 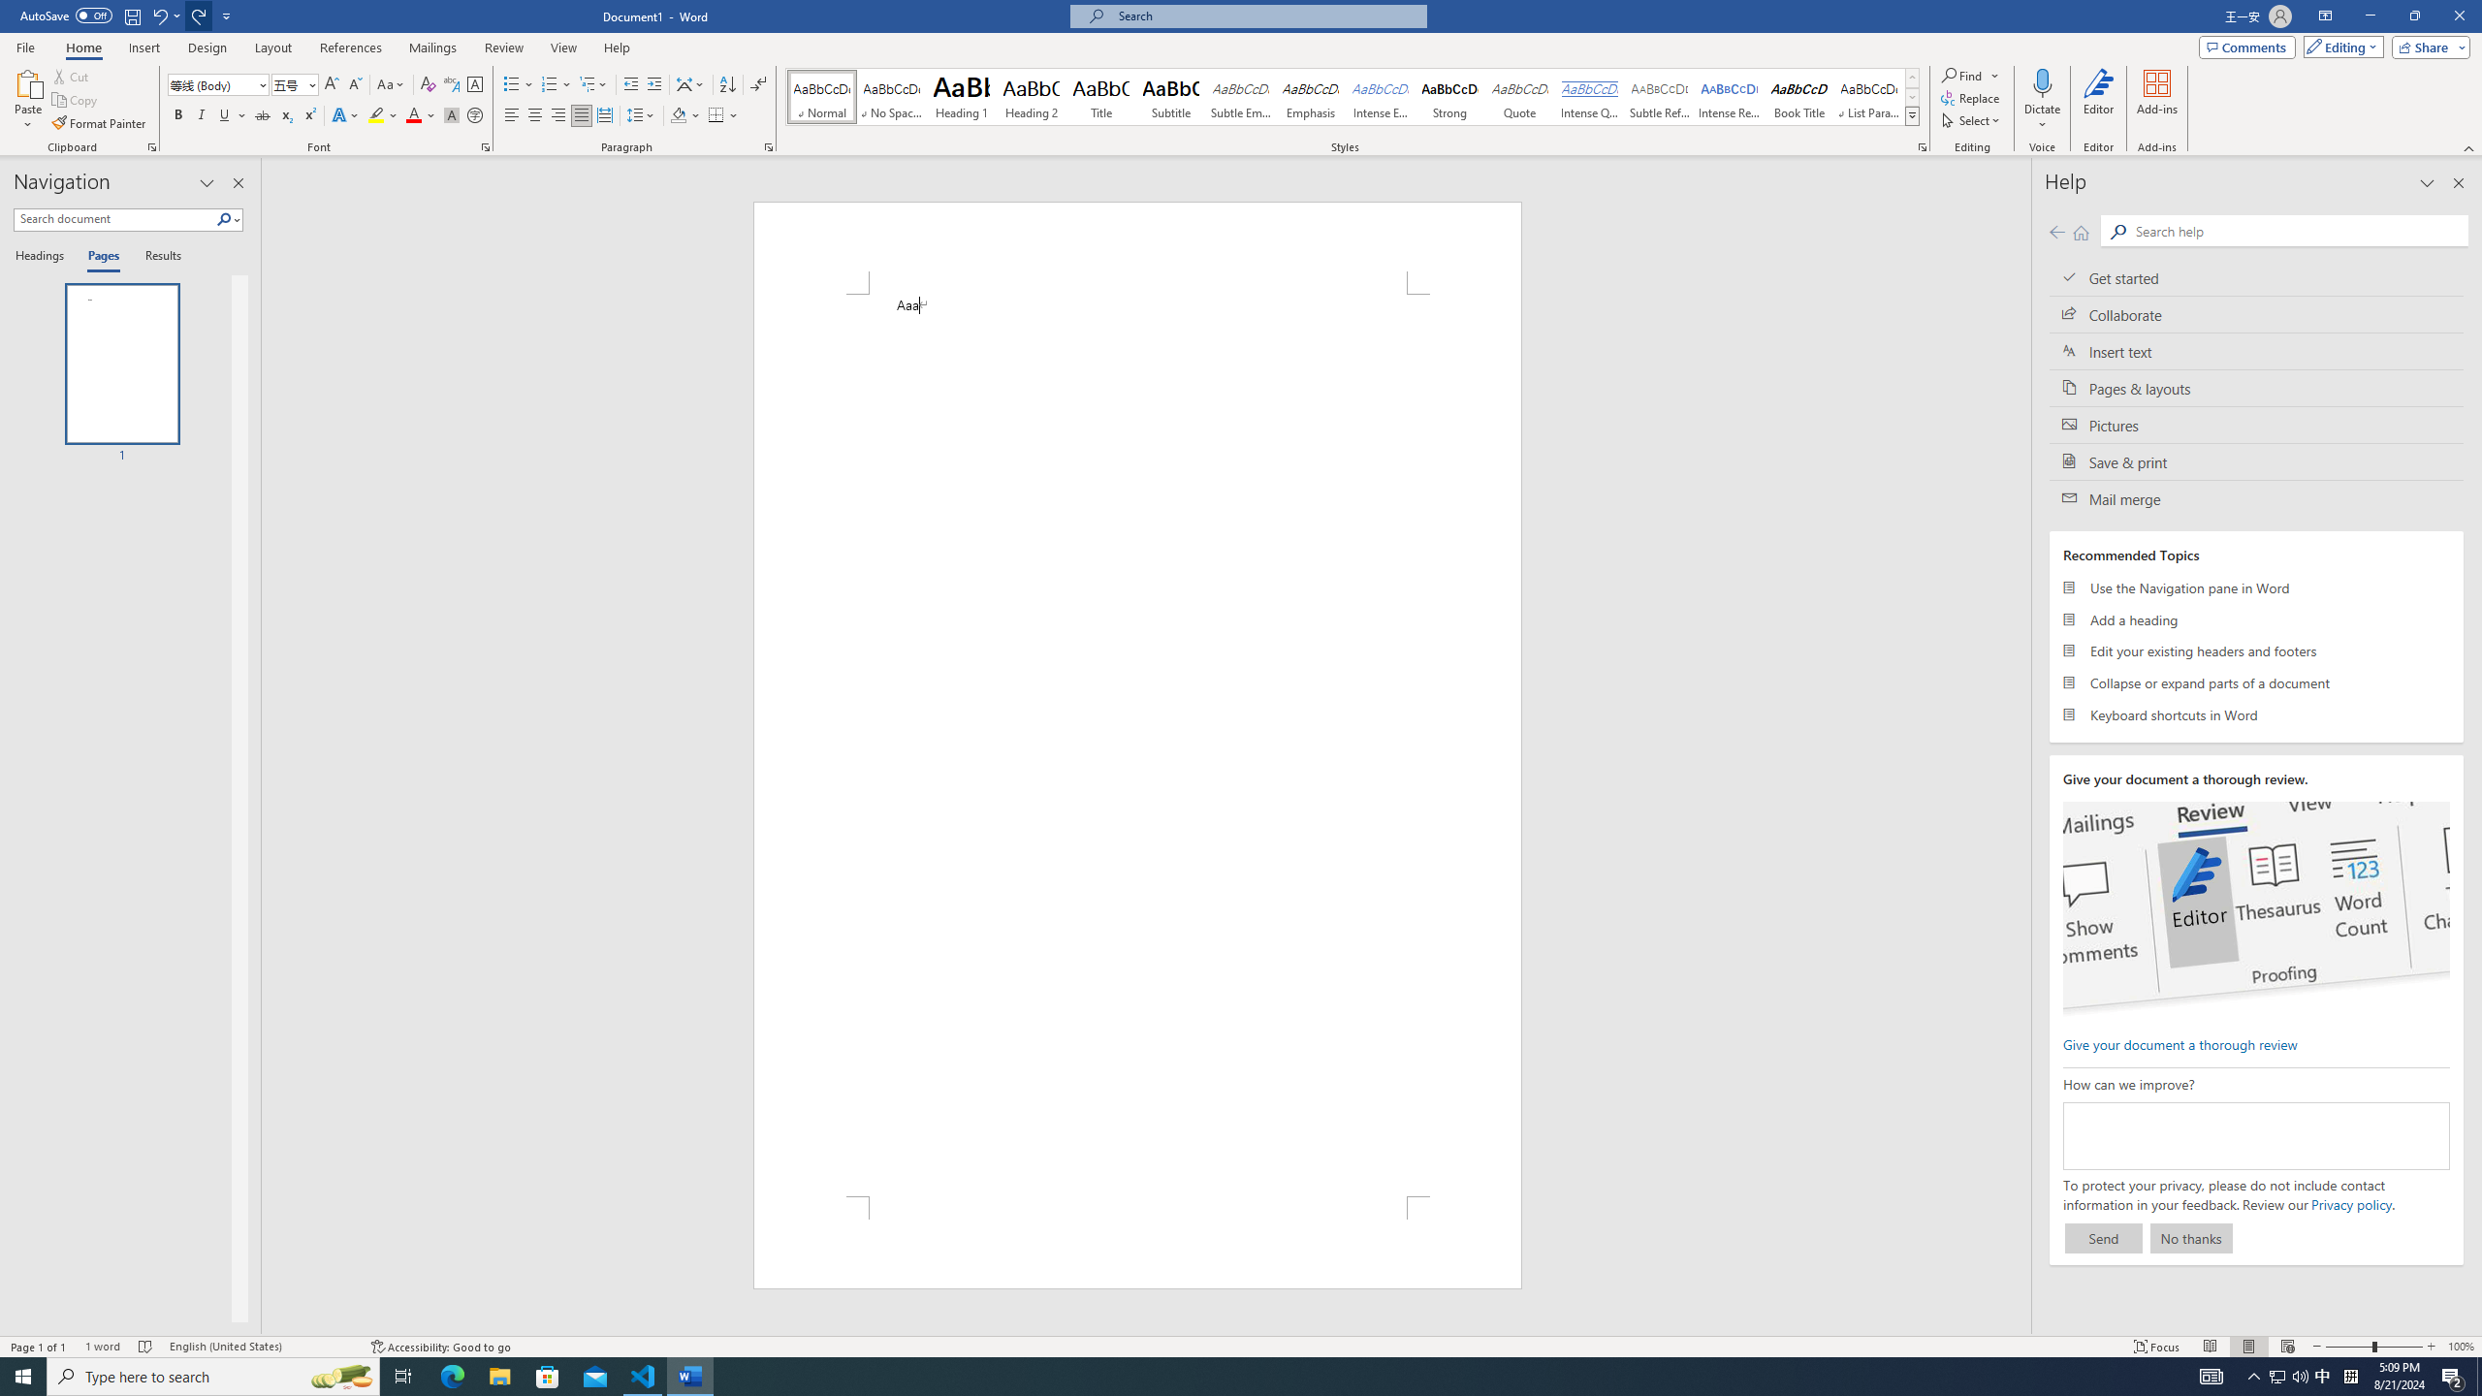 What do you see at coordinates (165, 15) in the screenshot?
I see `'Undo Apply Quick Style'` at bounding box center [165, 15].